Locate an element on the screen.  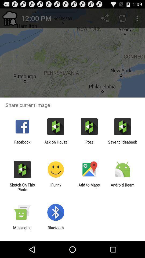
item to the right of post app is located at coordinates (122, 144).